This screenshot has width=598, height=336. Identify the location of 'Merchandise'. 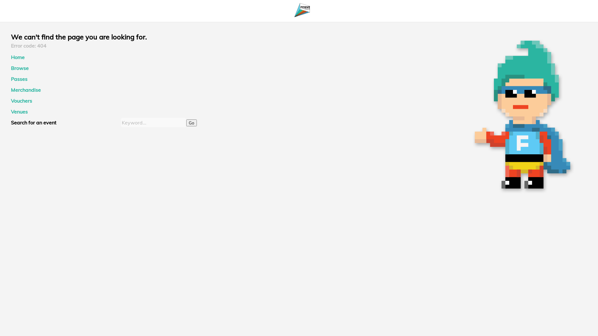
(25, 90).